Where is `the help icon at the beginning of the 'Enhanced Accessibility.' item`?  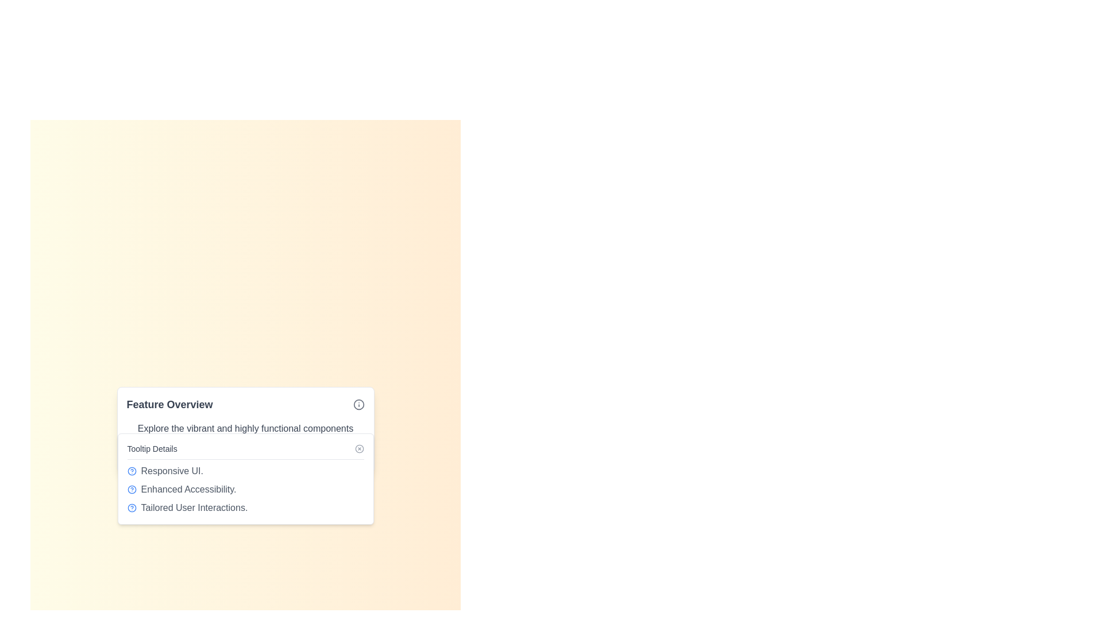
the help icon at the beginning of the 'Enhanced Accessibility.' item is located at coordinates (132, 489).